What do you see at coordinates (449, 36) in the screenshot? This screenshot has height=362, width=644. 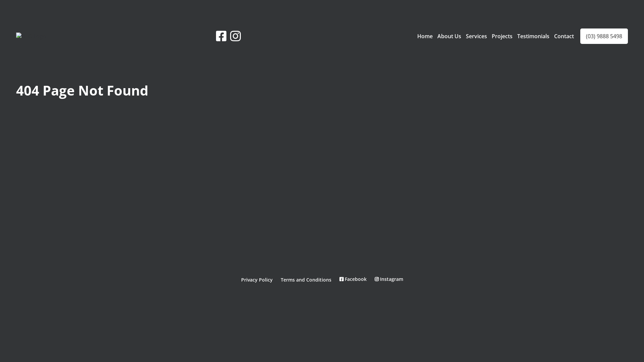 I see `'About Us'` at bounding box center [449, 36].